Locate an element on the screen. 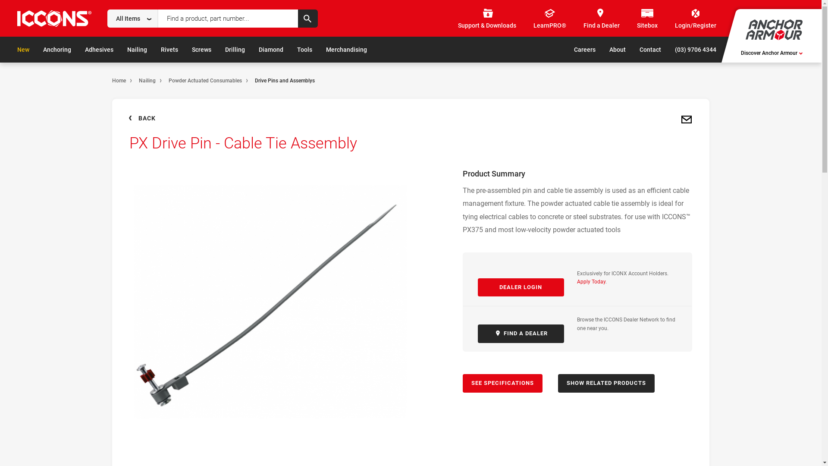  'Adhesives' is located at coordinates (99, 50).